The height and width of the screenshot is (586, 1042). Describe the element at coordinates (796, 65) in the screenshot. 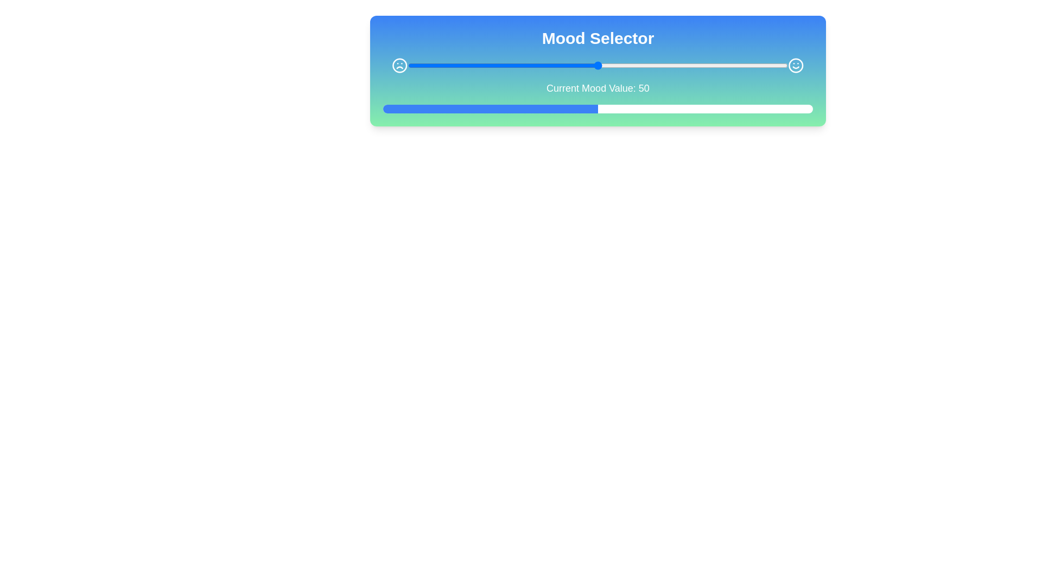

I see `the circular element representing the face of the smiley icon within the gradient-colored card titled 'Mood Selector'` at that location.